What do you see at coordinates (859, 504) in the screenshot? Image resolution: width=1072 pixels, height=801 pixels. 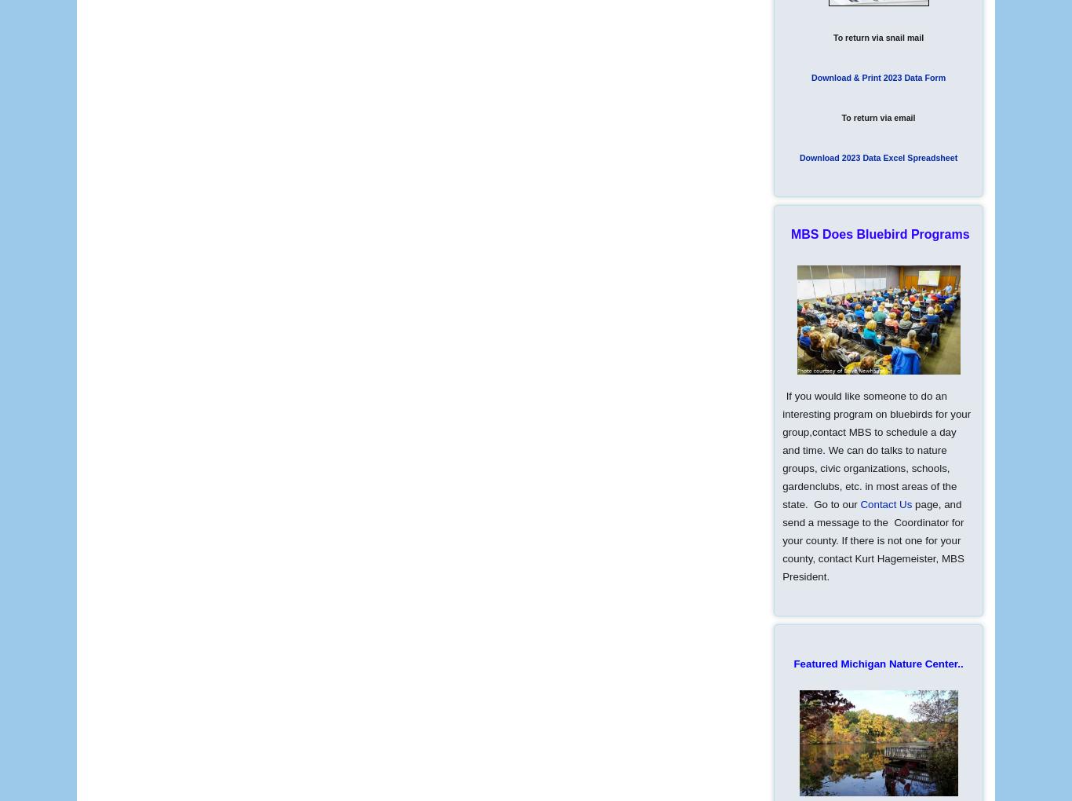 I see `'Contact Us'` at bounding box center [859, 504].